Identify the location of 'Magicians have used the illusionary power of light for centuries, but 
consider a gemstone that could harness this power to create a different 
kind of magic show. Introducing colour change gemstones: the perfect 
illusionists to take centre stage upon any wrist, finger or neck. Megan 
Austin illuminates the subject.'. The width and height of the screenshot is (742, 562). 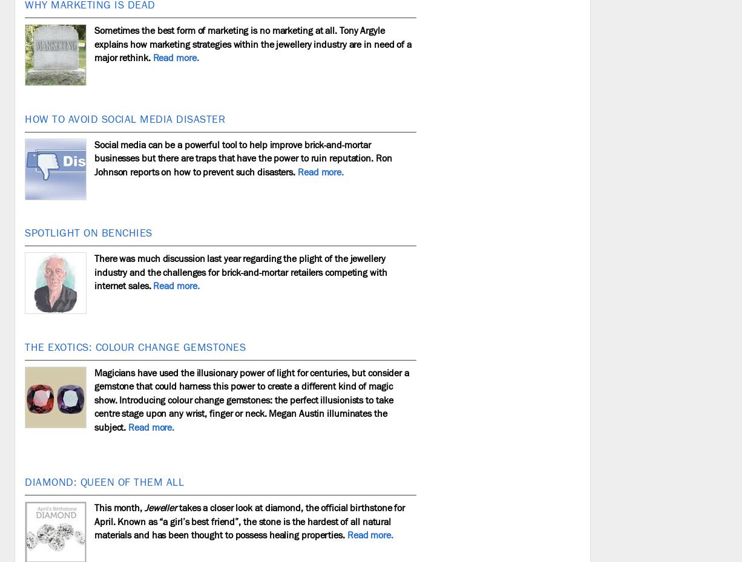
(251, 399).